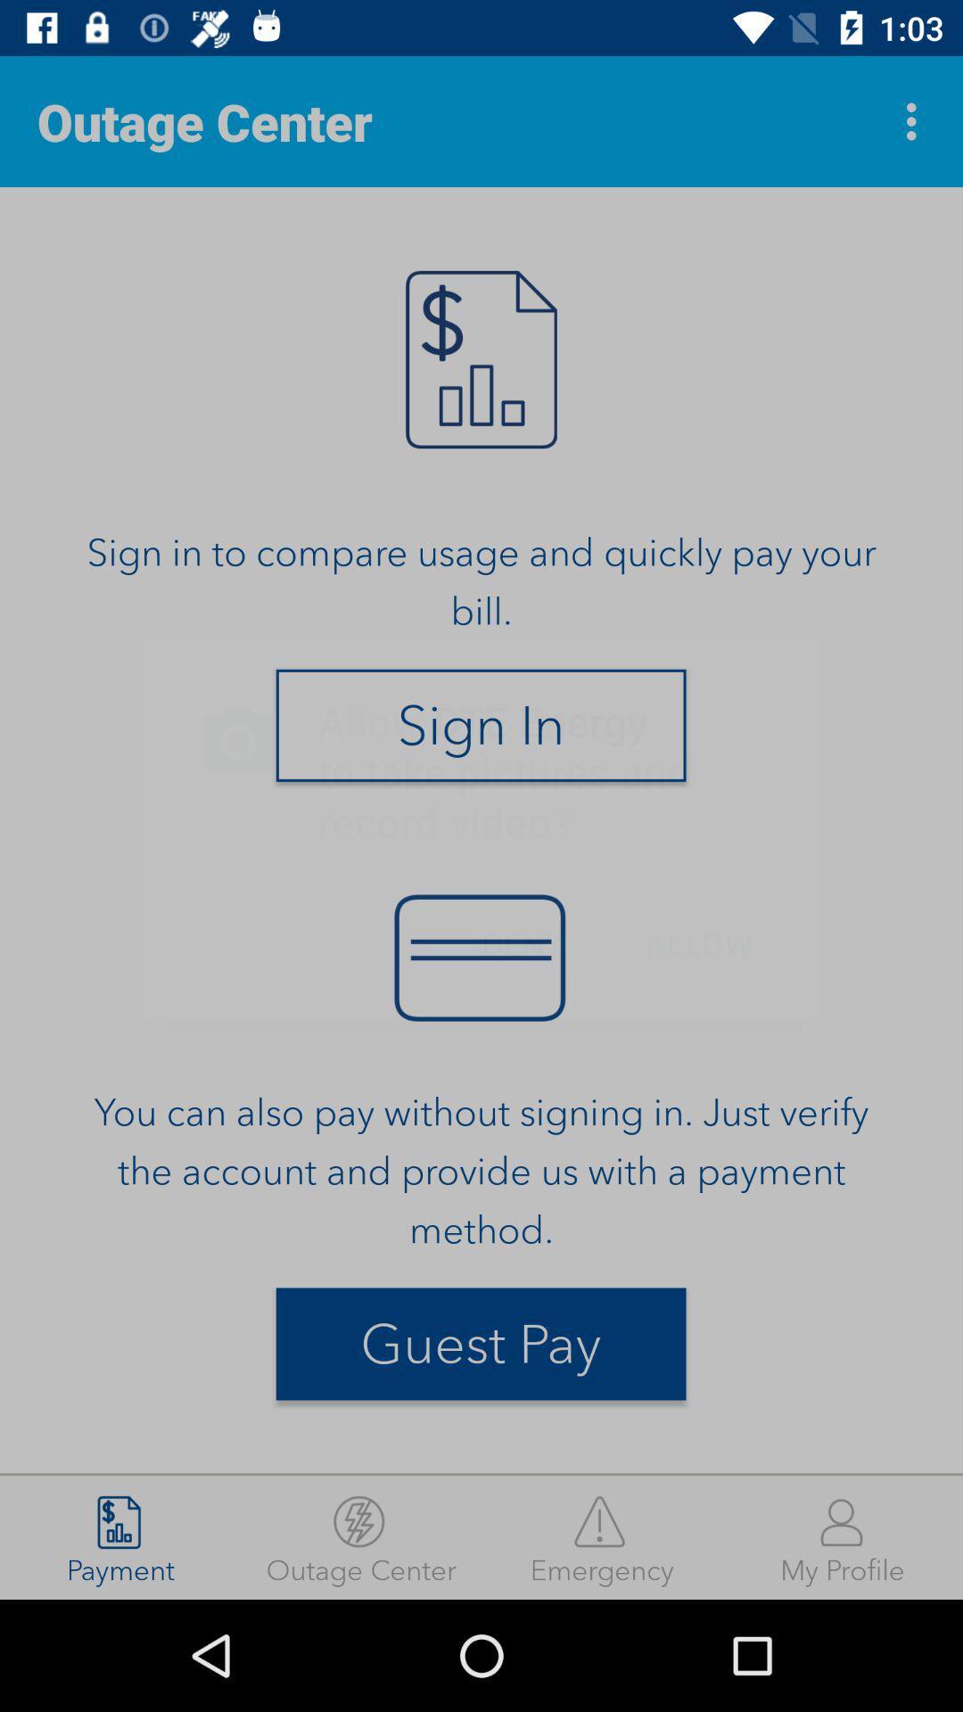 This screenshot has height=1712, width=963. What do you see at coordinates (843, 1536) in the screenshot?
I see `item to the right of the emergency` at bounding box center [843, 1536].